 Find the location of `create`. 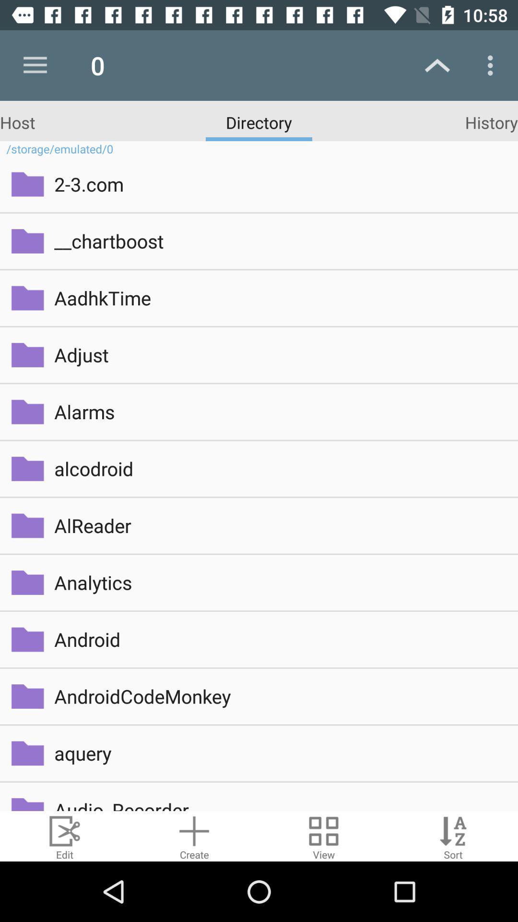

create is located at coordinates (194, 836).